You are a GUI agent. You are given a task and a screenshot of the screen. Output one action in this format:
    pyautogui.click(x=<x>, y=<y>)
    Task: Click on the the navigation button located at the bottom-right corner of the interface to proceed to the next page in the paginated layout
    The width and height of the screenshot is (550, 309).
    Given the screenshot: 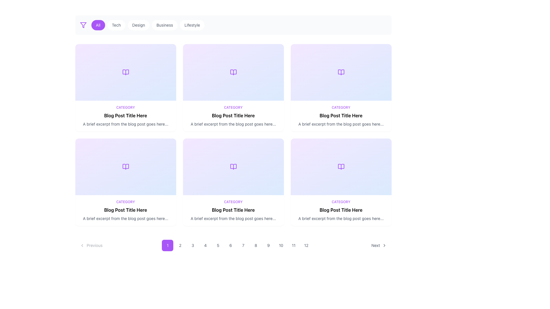 What is the action you would take?
    pyautogui.click(x=379, y=245)
    